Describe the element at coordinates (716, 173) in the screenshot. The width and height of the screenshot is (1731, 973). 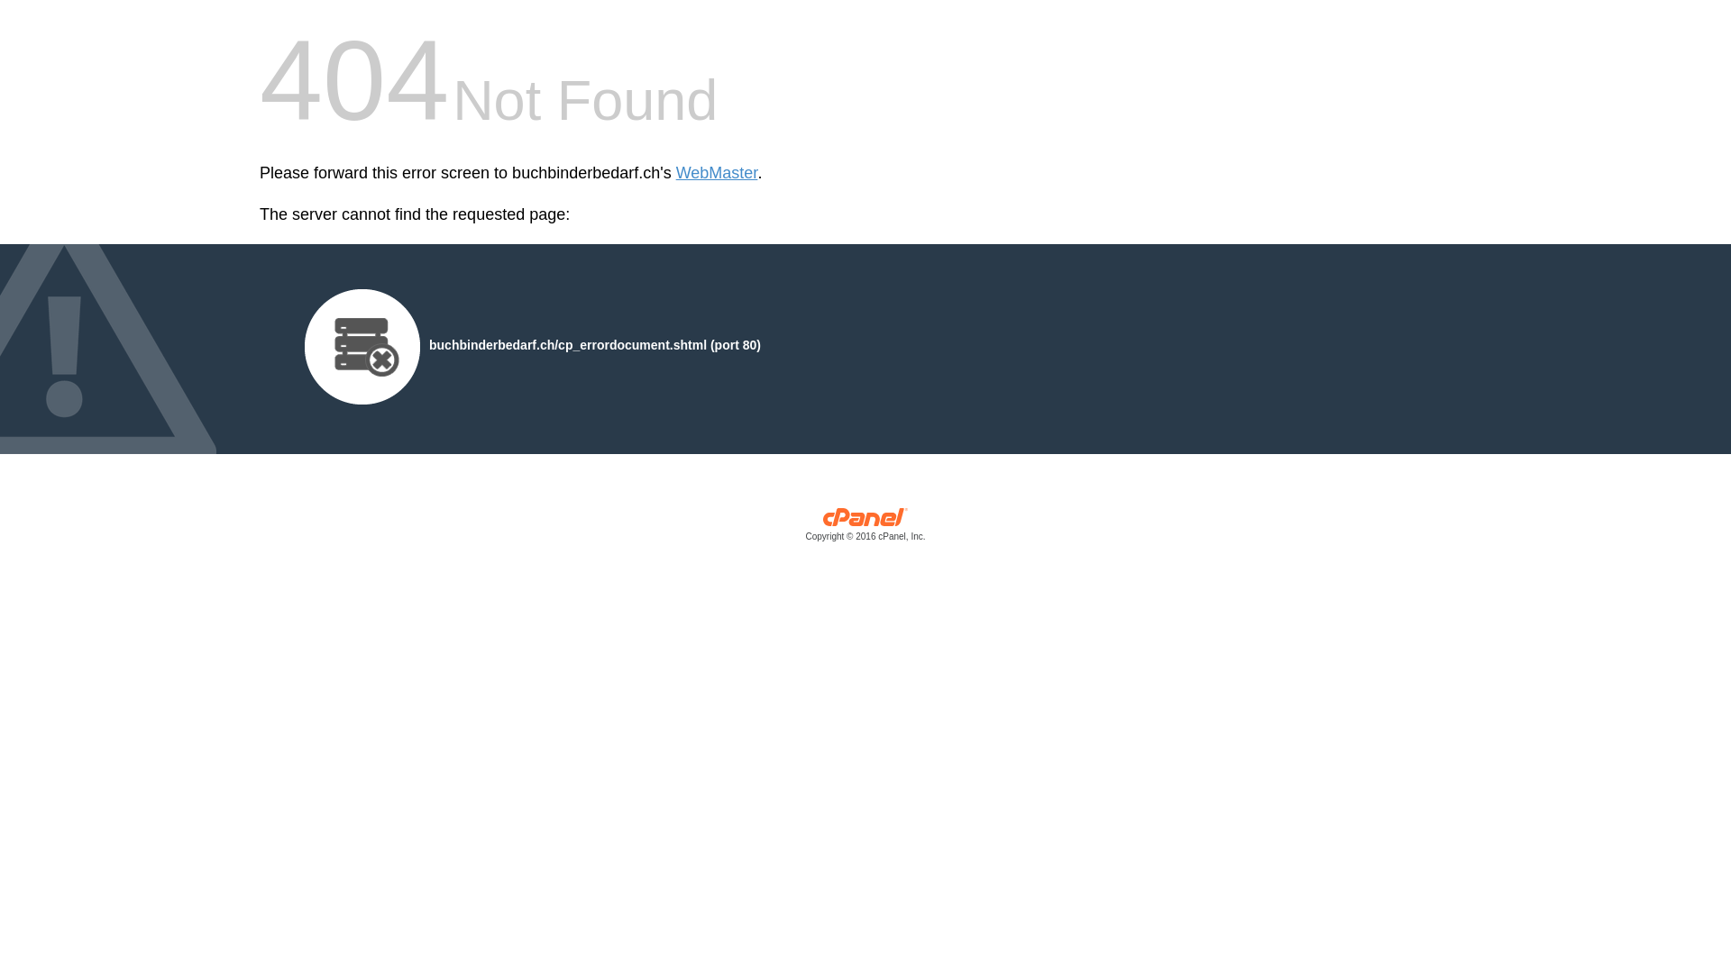
I see `'WebMaster'` at that location.